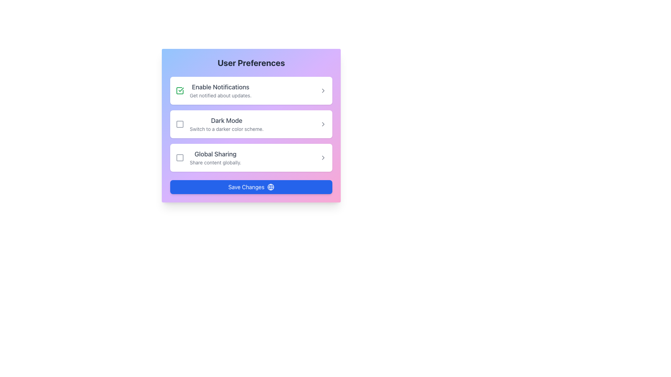 Image resolution: width=671 pixels, height=377 pixels. I want to click on the checkbox text indicating the user's preference for receiving notifications, so click(213, 90).